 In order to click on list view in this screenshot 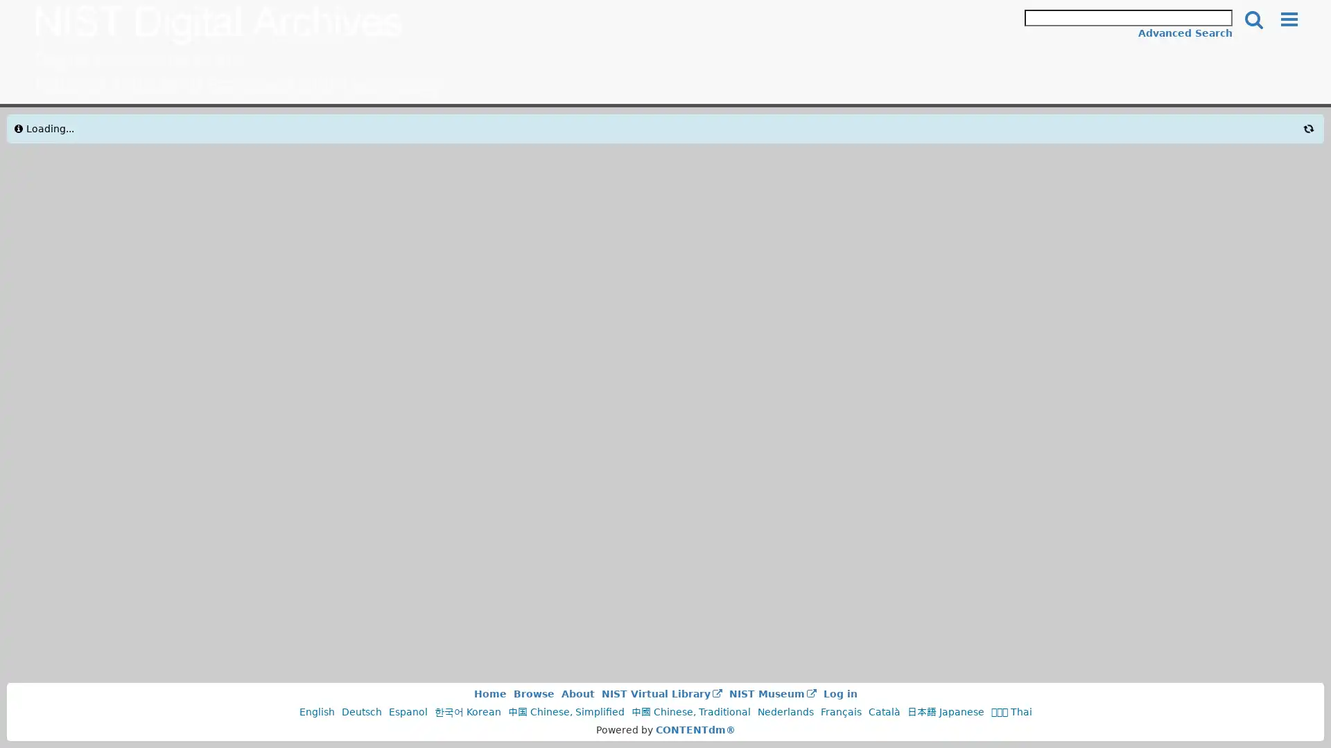, I will do `click(1012, 136)`.